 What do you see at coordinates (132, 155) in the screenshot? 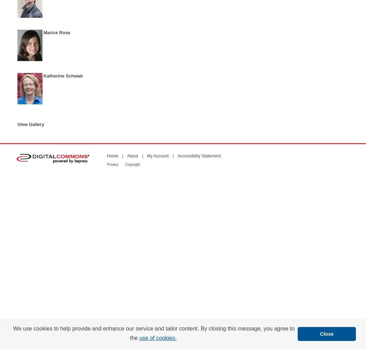
I see `'About'` at bounding box center [132, 155].